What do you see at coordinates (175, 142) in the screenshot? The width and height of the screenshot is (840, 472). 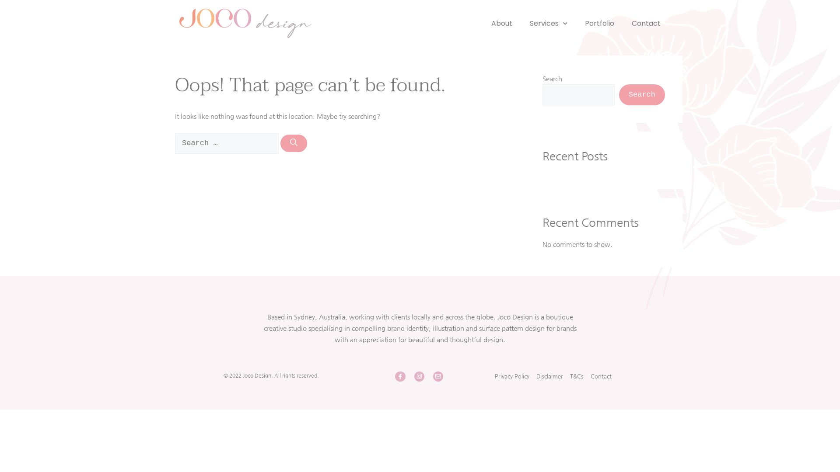 I see `'Search for:'` at bounding box center [175, 142].